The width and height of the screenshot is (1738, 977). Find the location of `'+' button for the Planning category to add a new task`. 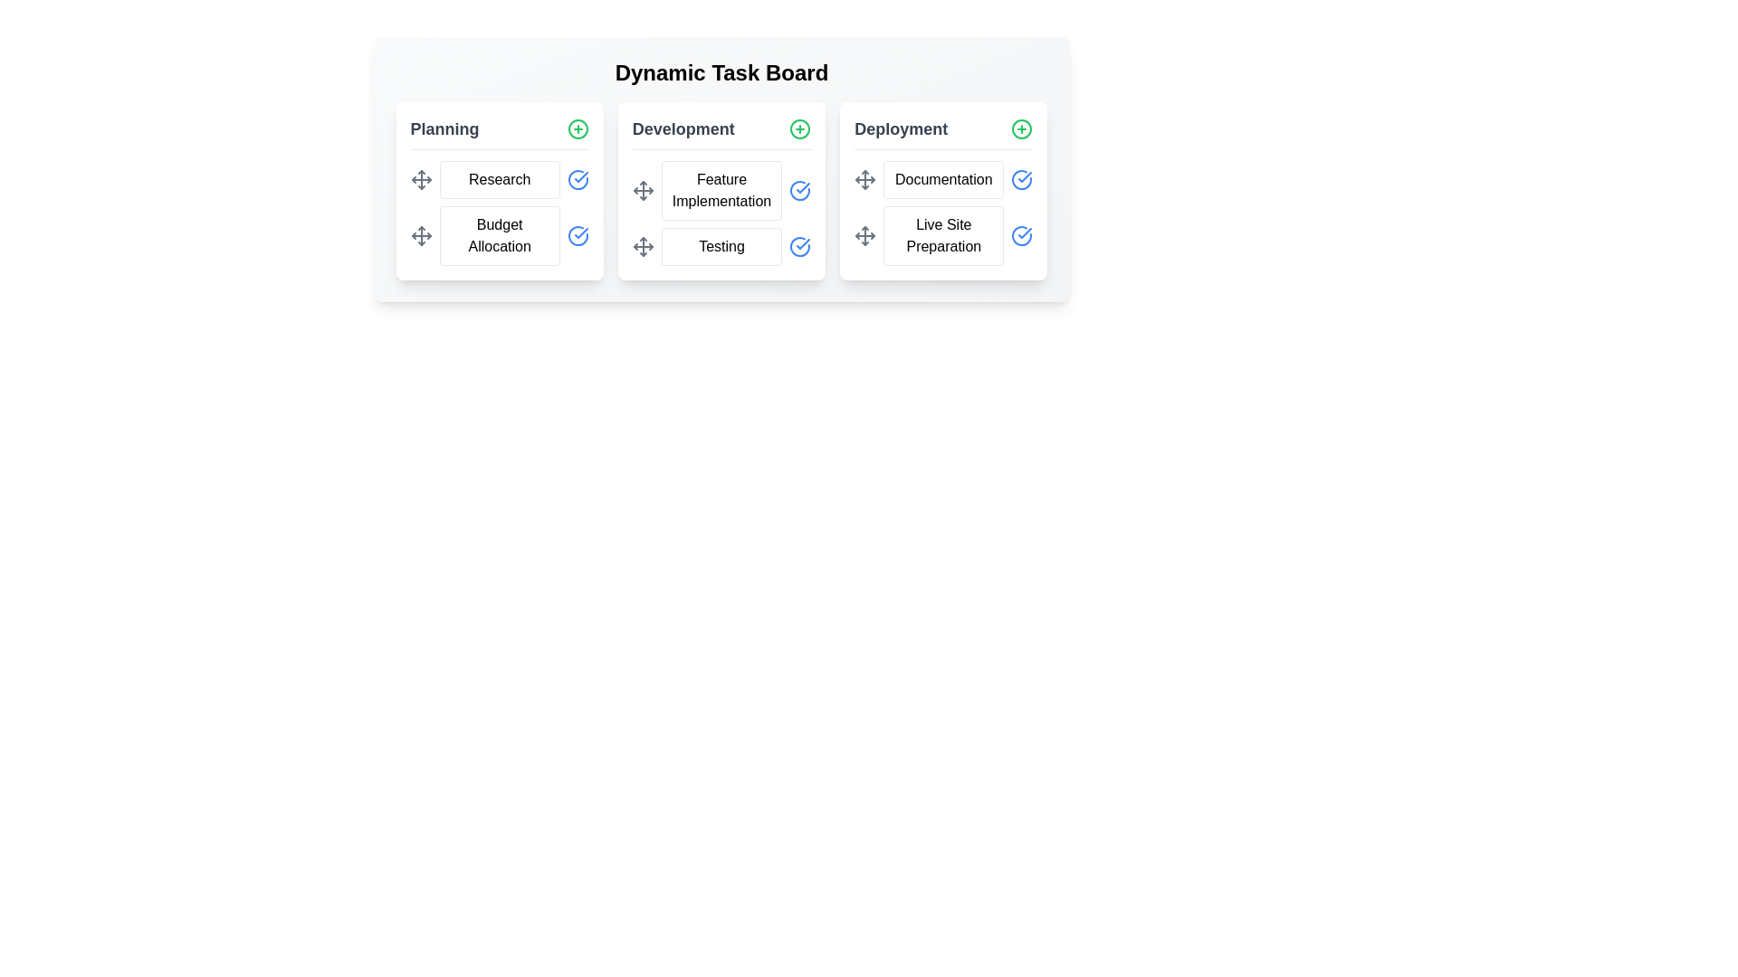

'+' button for the Planning category to add a new task is located at coordinates (577, 128).